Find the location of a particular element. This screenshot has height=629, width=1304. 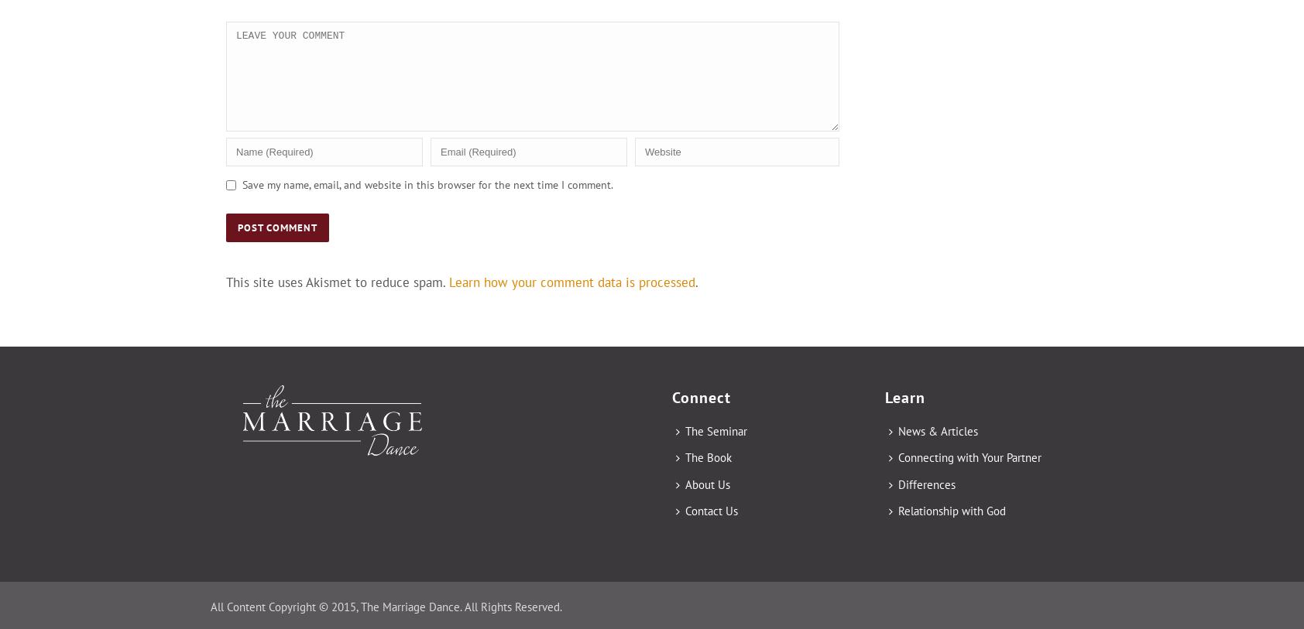

'This site uses Akismet to reduce spam.' is located at coordinates (336, 282).